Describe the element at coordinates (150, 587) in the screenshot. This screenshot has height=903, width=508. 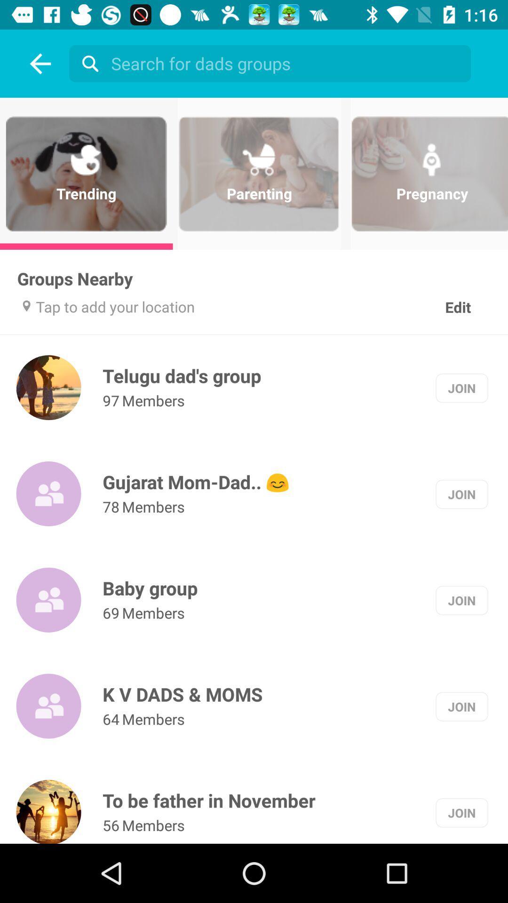
I see `item below 78 item` at that location.